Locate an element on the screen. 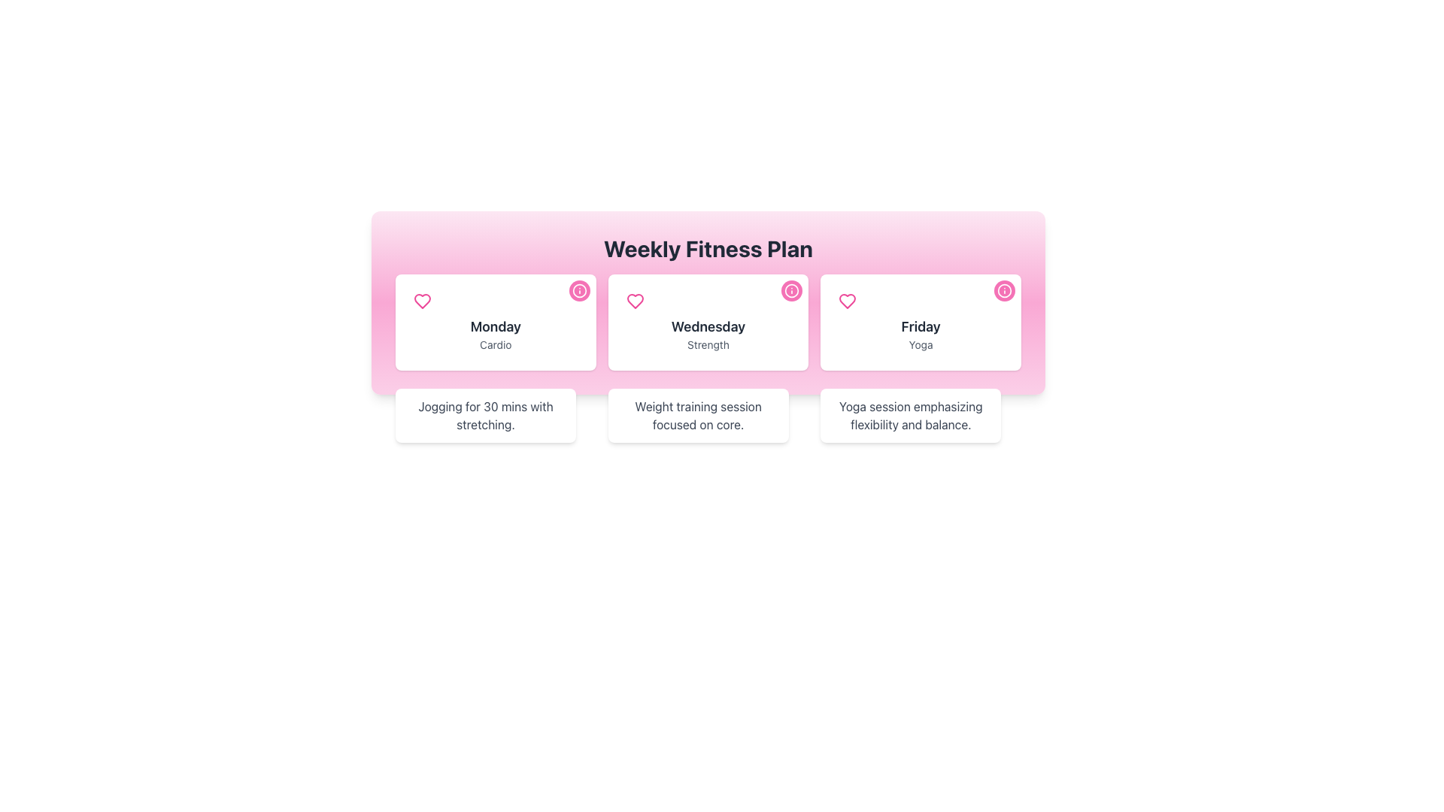 This screenshot has height=812, width=1444. the heart icon located is located at coordinates (848, 301).